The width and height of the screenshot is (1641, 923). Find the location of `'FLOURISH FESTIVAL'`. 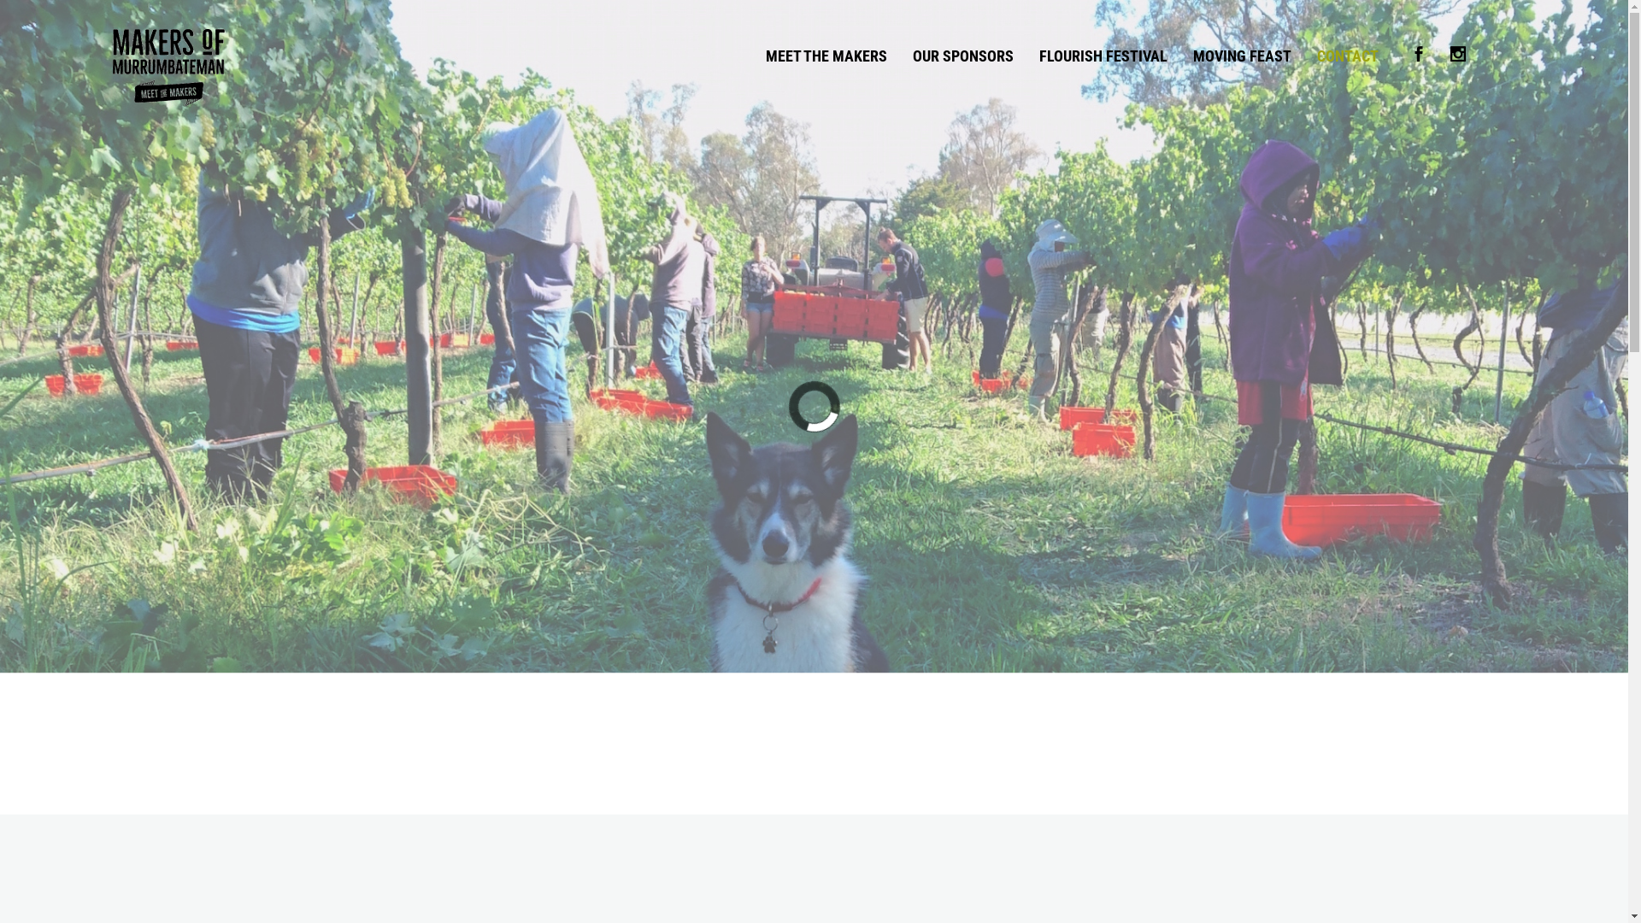

'FLOURISH FESTIVAL' is located at coordinates (1103, 55).